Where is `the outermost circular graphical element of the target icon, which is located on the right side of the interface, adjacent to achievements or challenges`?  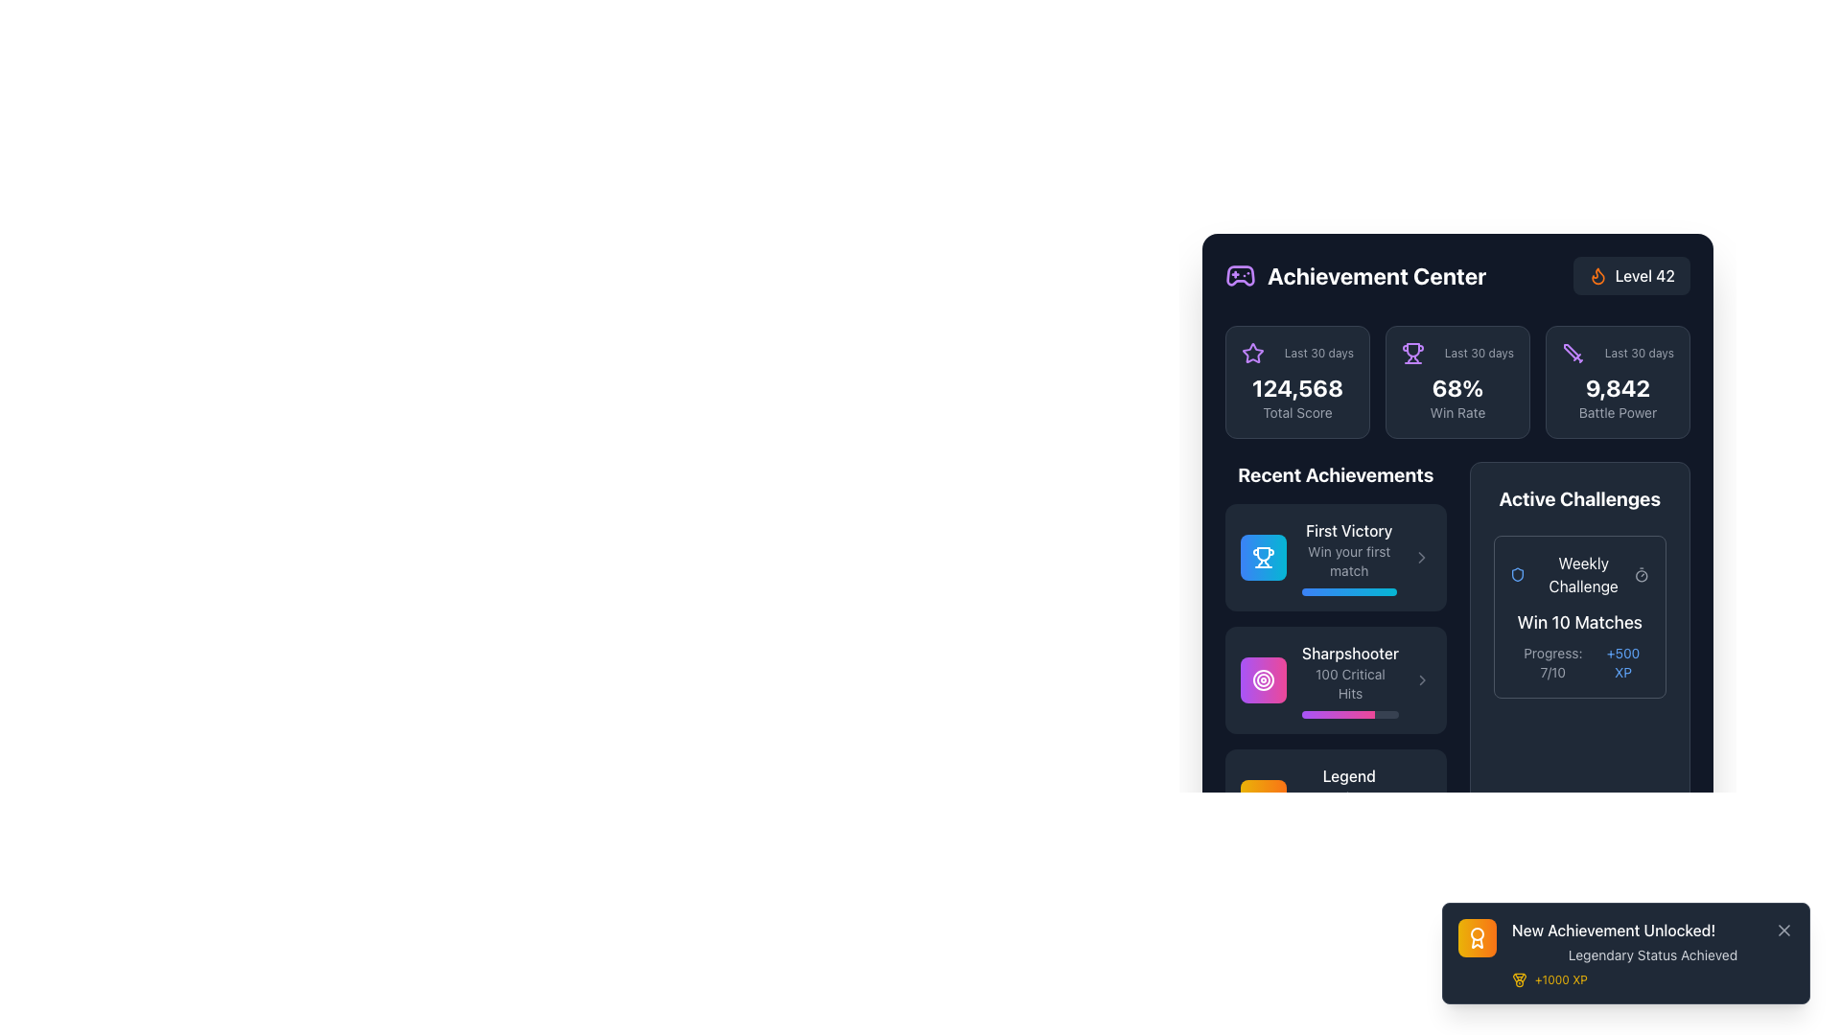
the outermost circular graphical element of the target icon, which is located on the right side of the interface, adjacent to achievements or challenges is located at coordinates (1264, 678).